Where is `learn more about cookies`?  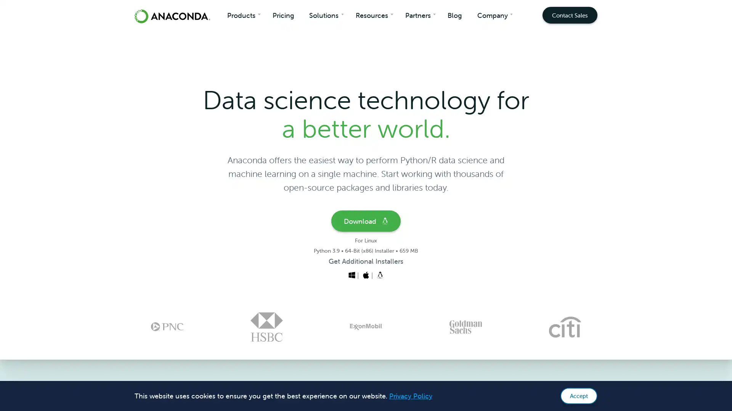
learn more about cookies is located at coordinates (410, 395).